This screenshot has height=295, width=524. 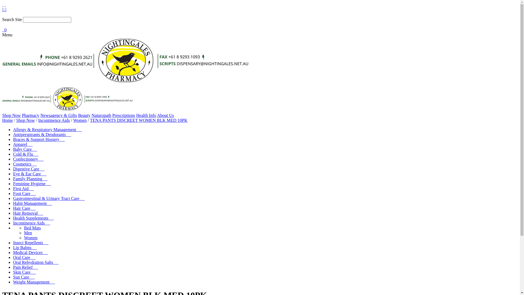 What do you see at coordinates (157, 115) in the screenshot?
I see `'About Us'` at bounding box center [157, 115].